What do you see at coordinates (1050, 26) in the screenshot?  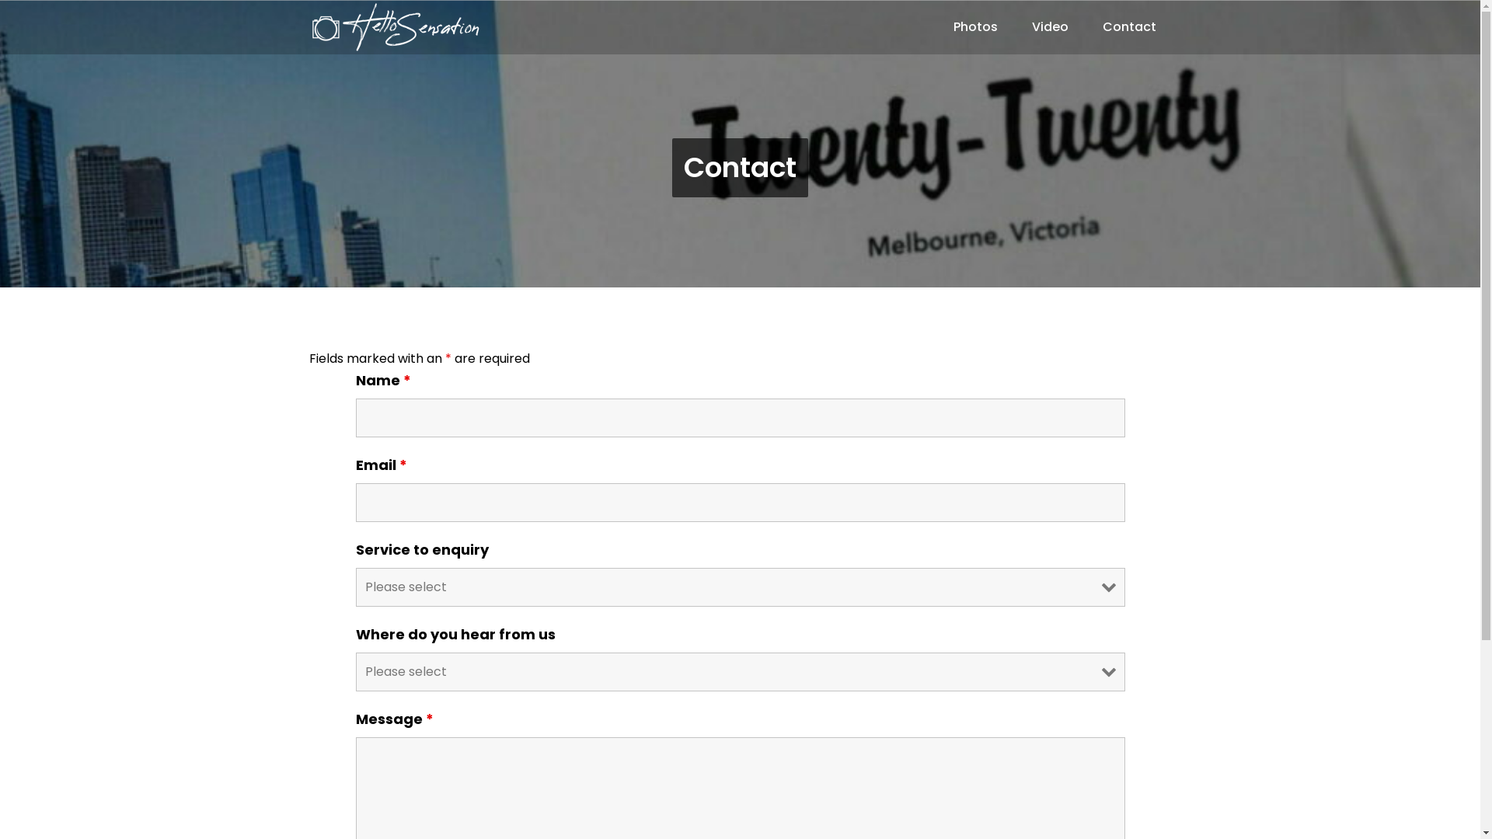 I see `'Video'` at bounding box center [1050, 26].